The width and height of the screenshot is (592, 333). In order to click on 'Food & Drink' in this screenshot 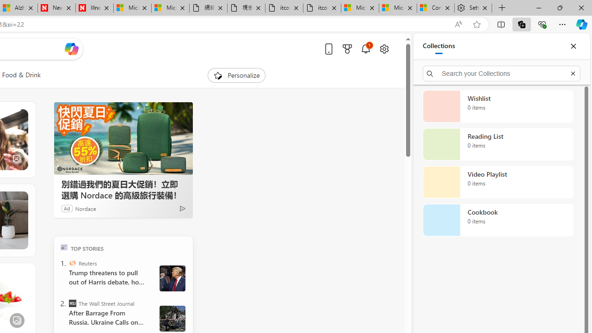, I will do `click(21, 75)`.